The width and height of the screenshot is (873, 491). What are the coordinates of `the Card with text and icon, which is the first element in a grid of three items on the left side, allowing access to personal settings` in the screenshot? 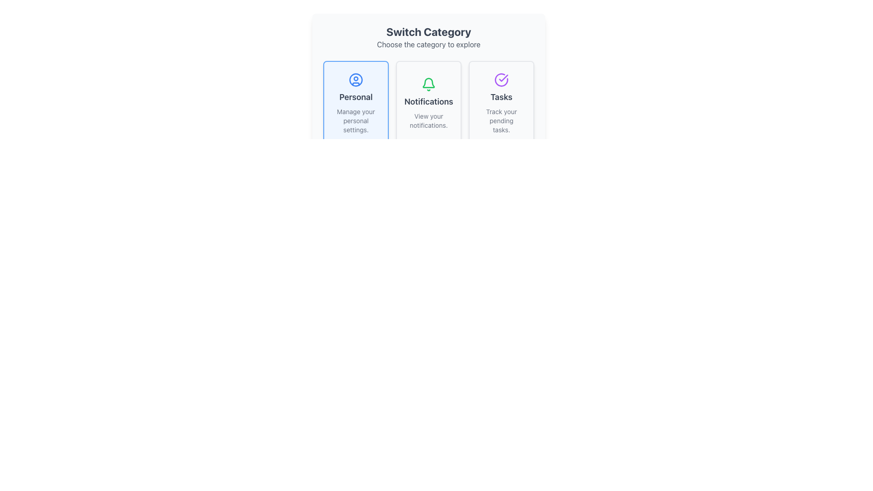 It's located at (355, 103).